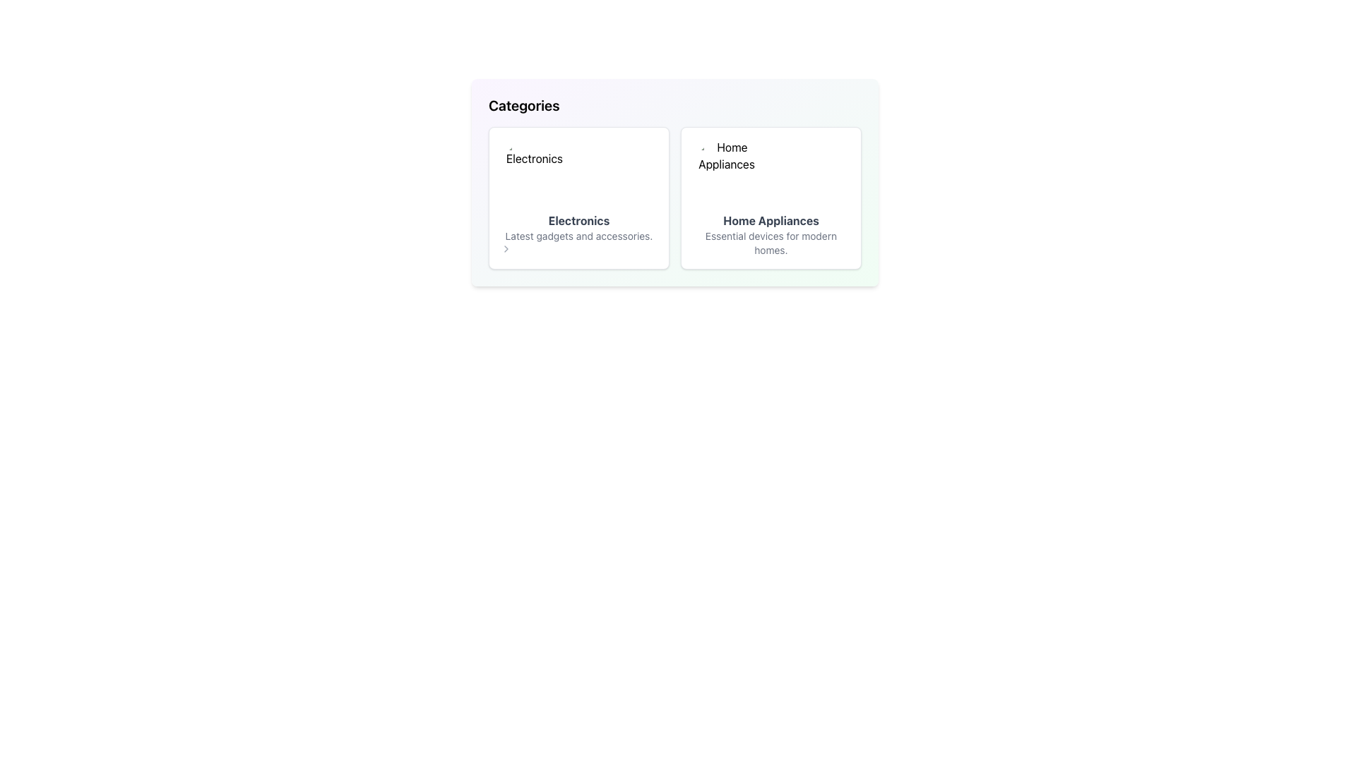  Describe the element at coordinates (726, 172) in the screenshot. I see `the circular image with a soft border located in the second section under the 'Categories' label, positioned above 'Home Appliances' and 'Essential devices for modern homes.'` at that location.